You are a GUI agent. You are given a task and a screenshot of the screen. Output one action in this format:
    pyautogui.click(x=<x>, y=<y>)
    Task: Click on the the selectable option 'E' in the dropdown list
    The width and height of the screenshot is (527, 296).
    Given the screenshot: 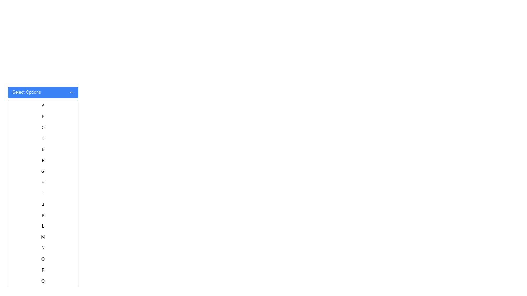 What is the action you would take?
    pyautogui.click(x=43, y=150)
    